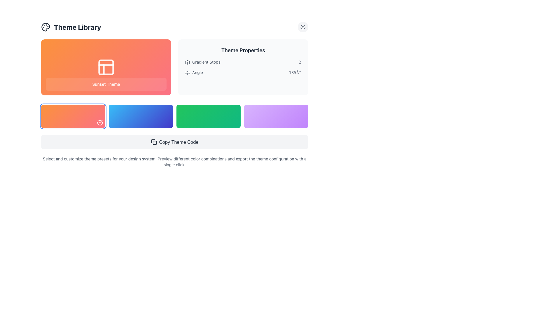 This screenshot has height=315, width=560. What do you see at coordinates (295, 72) in the screenshot?
I see `the static text displaying the angle value '135°' in the 'Theme Properties' section` at bounding box center [295, 72].